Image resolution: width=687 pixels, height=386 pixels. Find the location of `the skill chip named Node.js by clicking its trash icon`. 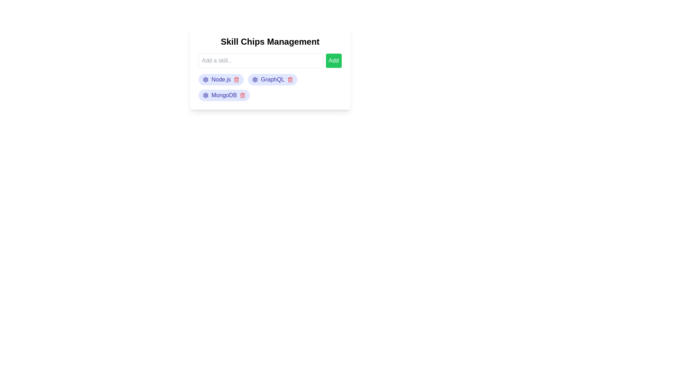

the skill chip named Node.js by clicking its trash icon is located at coordinates (237, 80).